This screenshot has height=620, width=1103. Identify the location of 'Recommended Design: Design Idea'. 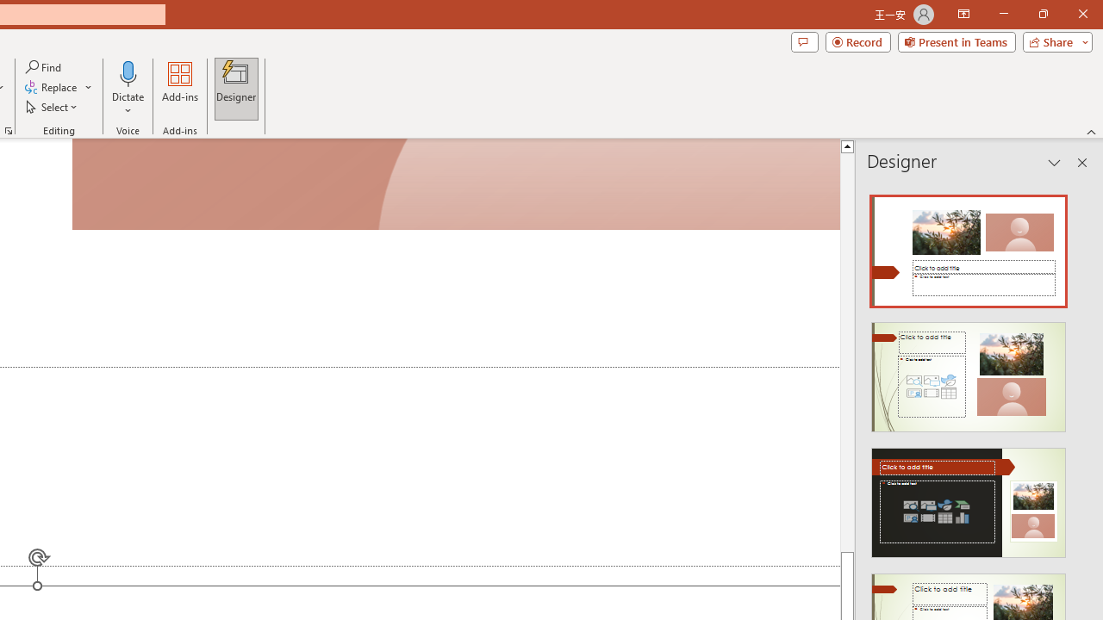
(969, 246).